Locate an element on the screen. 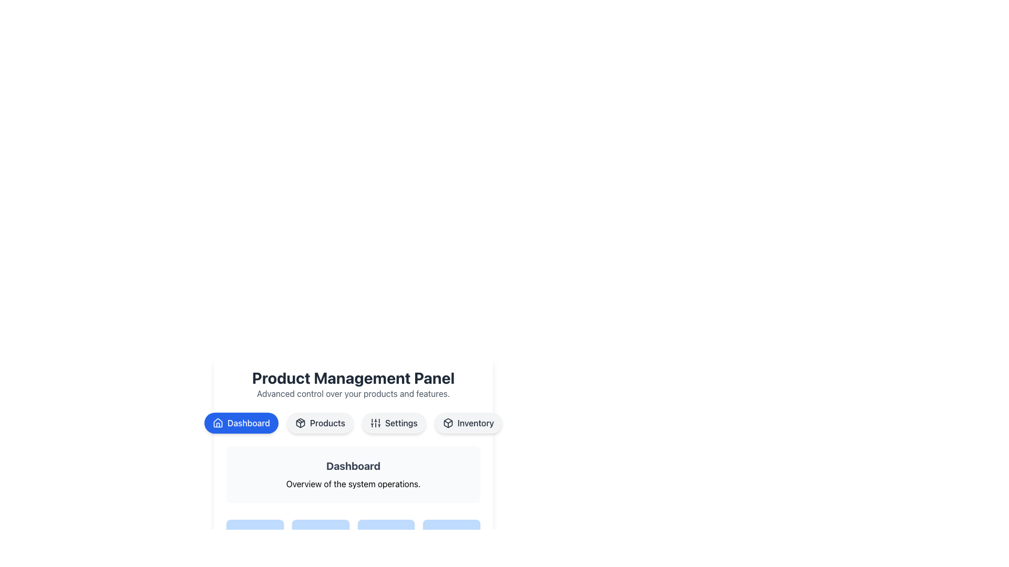 The image size is (1009, 567). the navigation button labeled 'Dashboard' located at the far left of the horizontal navigation bar under the 'Product Management Panel' heading is located at coordinates (241, 423).